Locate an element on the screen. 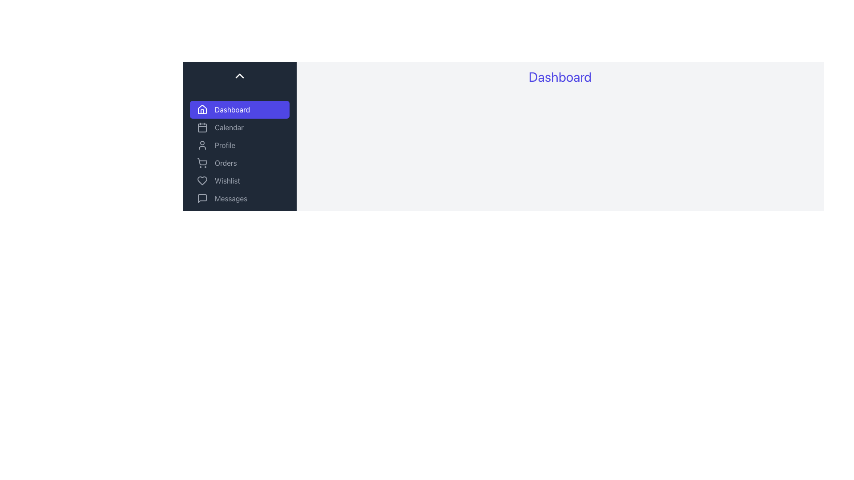 The image size is (854, 480). the house icon located in the purple rectangular button to the left of the 'Dashboard' text in the sidebar menu is located at coordinates (202, 109).